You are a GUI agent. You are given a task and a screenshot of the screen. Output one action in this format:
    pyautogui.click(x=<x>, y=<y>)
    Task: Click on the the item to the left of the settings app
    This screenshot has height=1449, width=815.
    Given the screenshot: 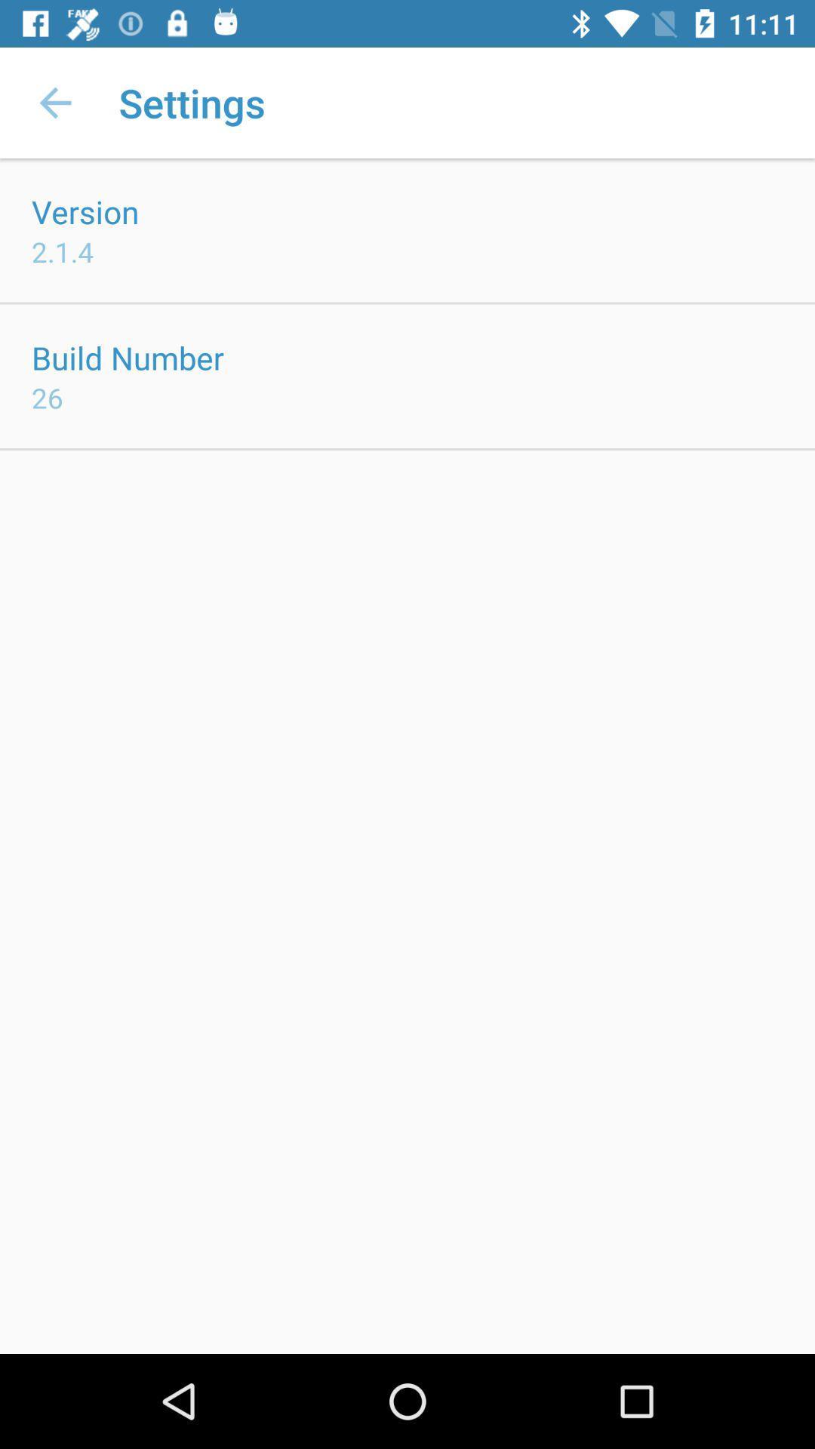 What is the action you would take?
    pyautogui.click(x=54, y=102)
    